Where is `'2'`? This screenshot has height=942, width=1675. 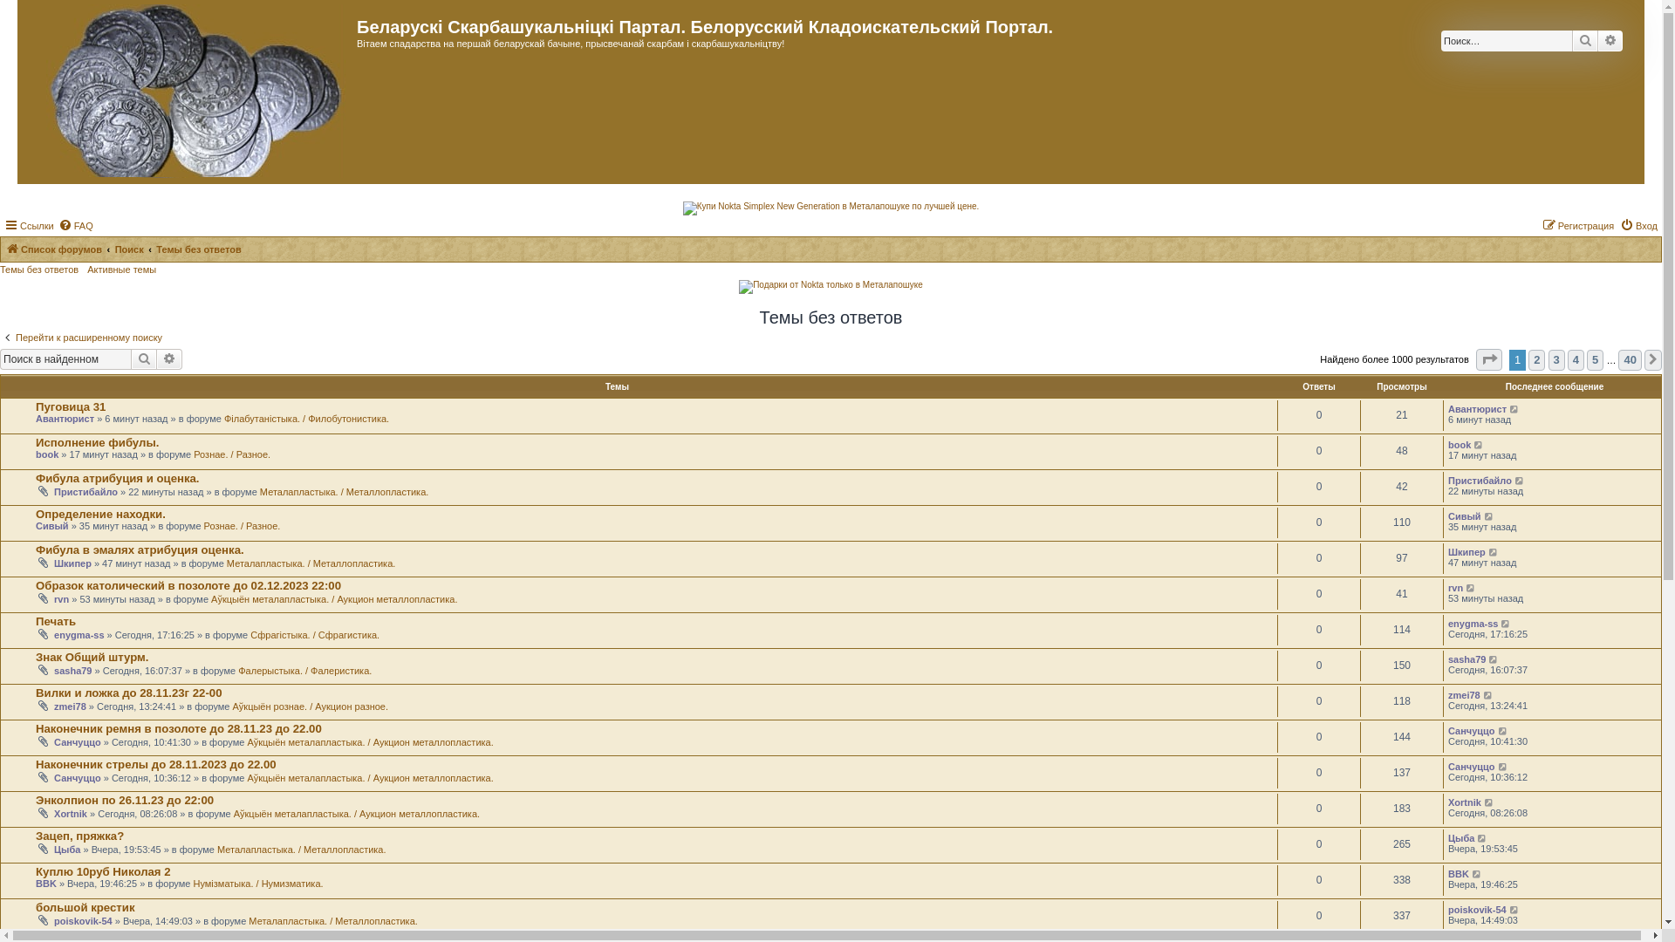
'2' is located at coordinates (1536, 358).